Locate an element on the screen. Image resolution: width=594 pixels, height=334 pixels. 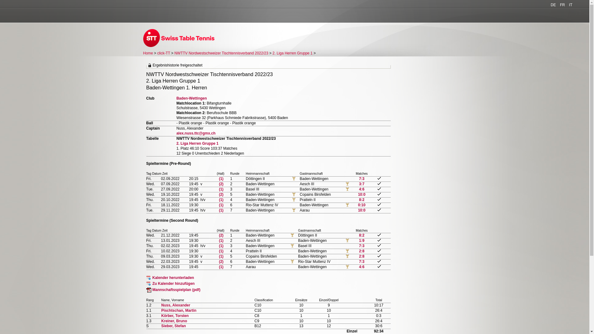
'Spielbericht genehmigt' is located at coordinates (379, 261).